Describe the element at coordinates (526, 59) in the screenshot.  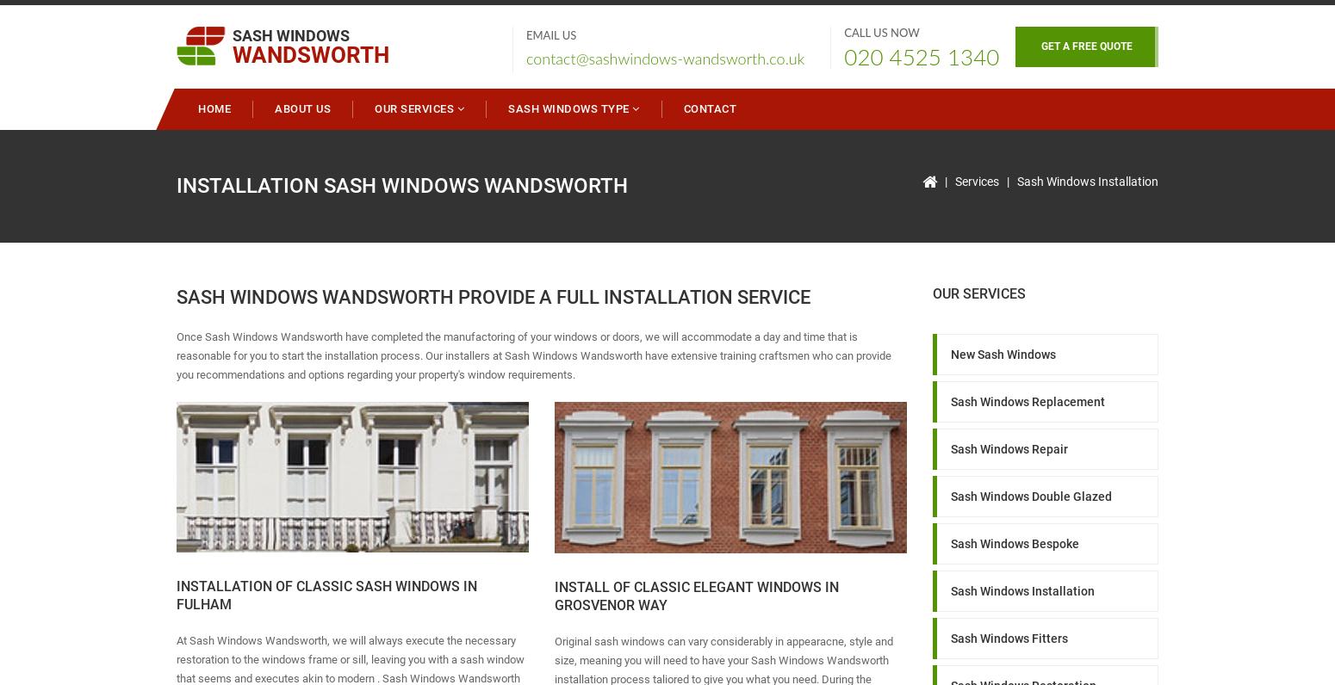
I see `'contact@sashwindows-wandsworth.co.uk'` at that location.